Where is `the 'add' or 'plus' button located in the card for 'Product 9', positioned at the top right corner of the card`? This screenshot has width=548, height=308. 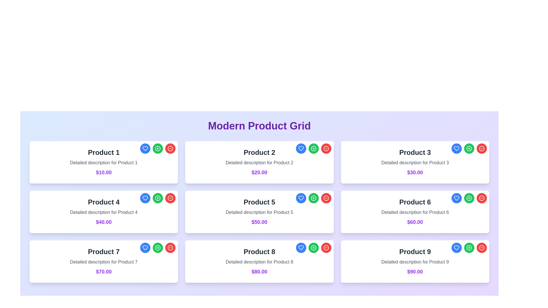
the 'add' or 'plus' button located in the card for 'Product 9', positioned at the top right corner of the card is located at coordinates (469, 247).